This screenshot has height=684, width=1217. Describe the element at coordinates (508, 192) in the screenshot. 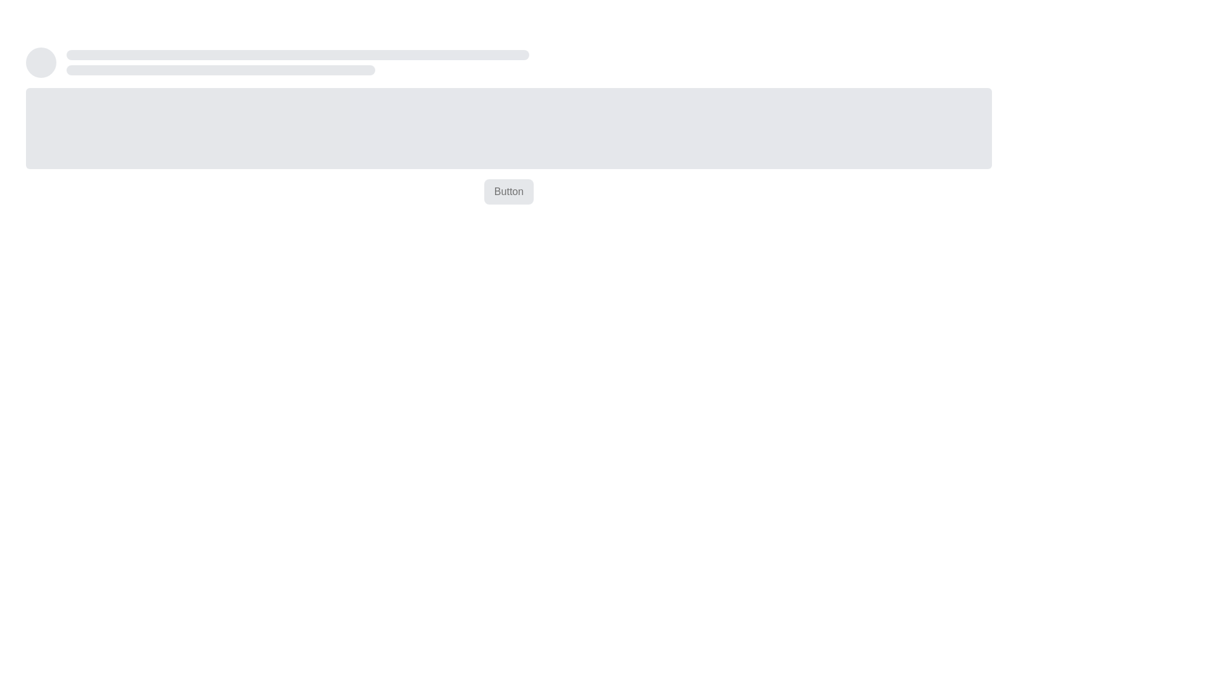

I see `the Button placeholder (non-interactive) which is a rectangular component with rounded corners and a gray background, containing the text 'Button' centered within it` at that location.